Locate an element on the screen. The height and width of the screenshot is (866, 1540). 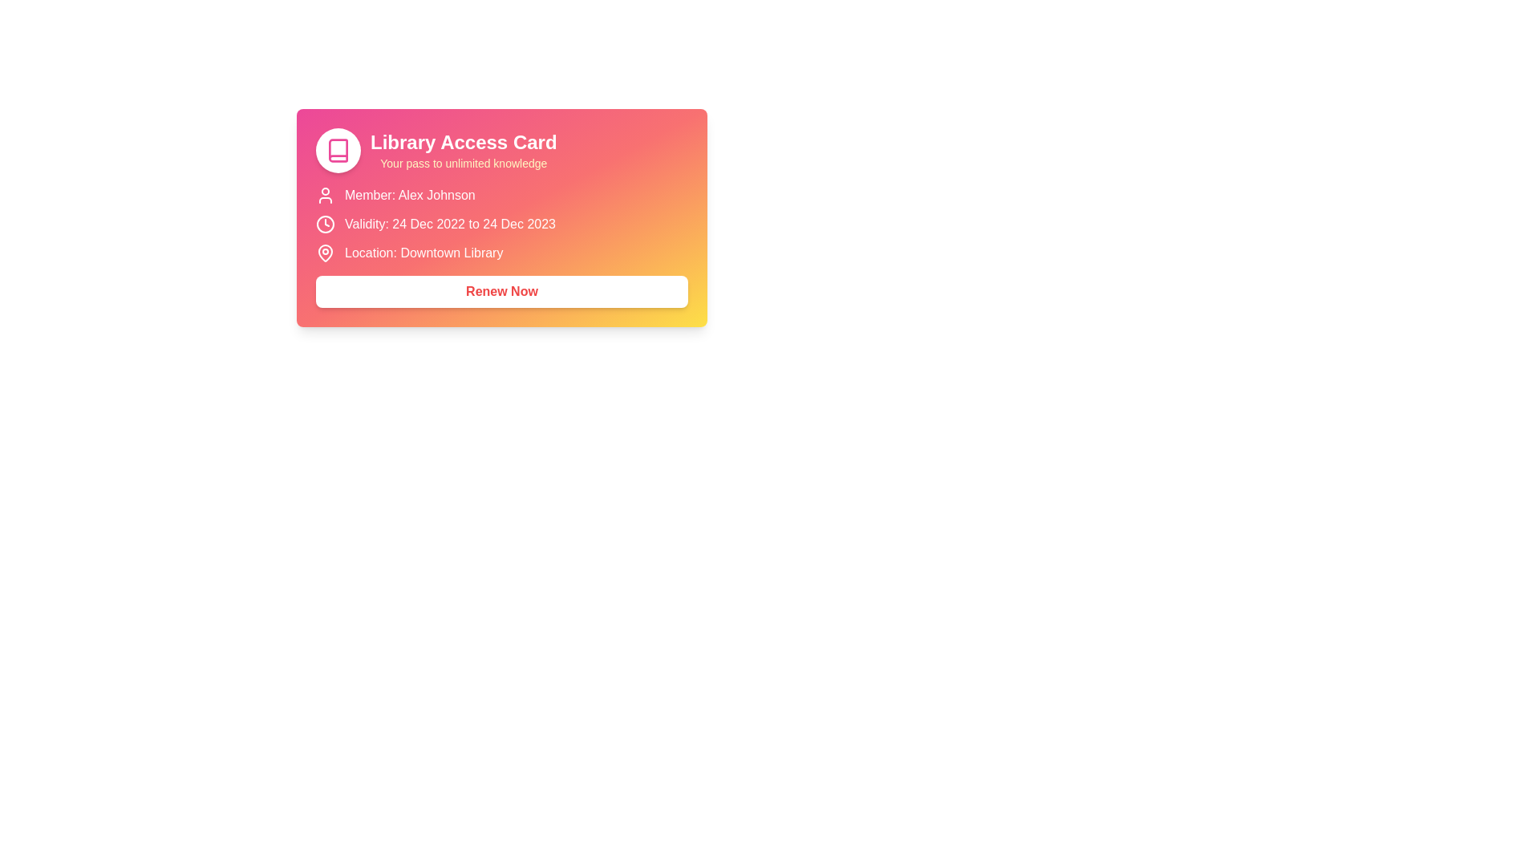
text displayed in the text block labeled 'Library Access Card' with subtext 'Your pass to unlimited knowledge', which is positioned on a pink gradient background is located at coordinates (463, 151).